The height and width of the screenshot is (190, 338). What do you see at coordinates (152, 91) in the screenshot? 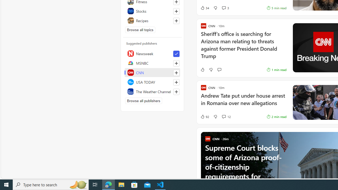
I see `'The Weather Channel'` at bounding box center [152, 91].